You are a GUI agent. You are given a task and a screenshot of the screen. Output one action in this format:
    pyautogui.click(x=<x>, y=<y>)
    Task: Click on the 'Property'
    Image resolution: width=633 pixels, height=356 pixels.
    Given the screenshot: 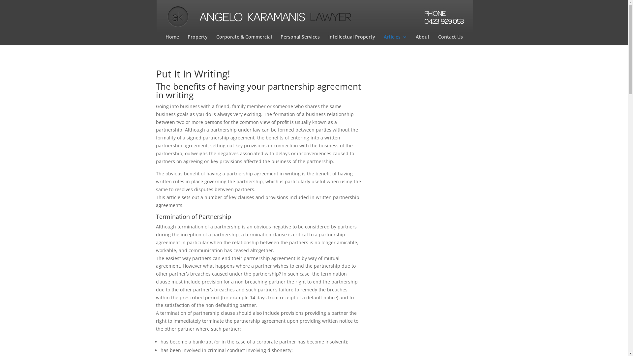 What is the action you would take?
    pyautogui.click(x=197, y=40)
    